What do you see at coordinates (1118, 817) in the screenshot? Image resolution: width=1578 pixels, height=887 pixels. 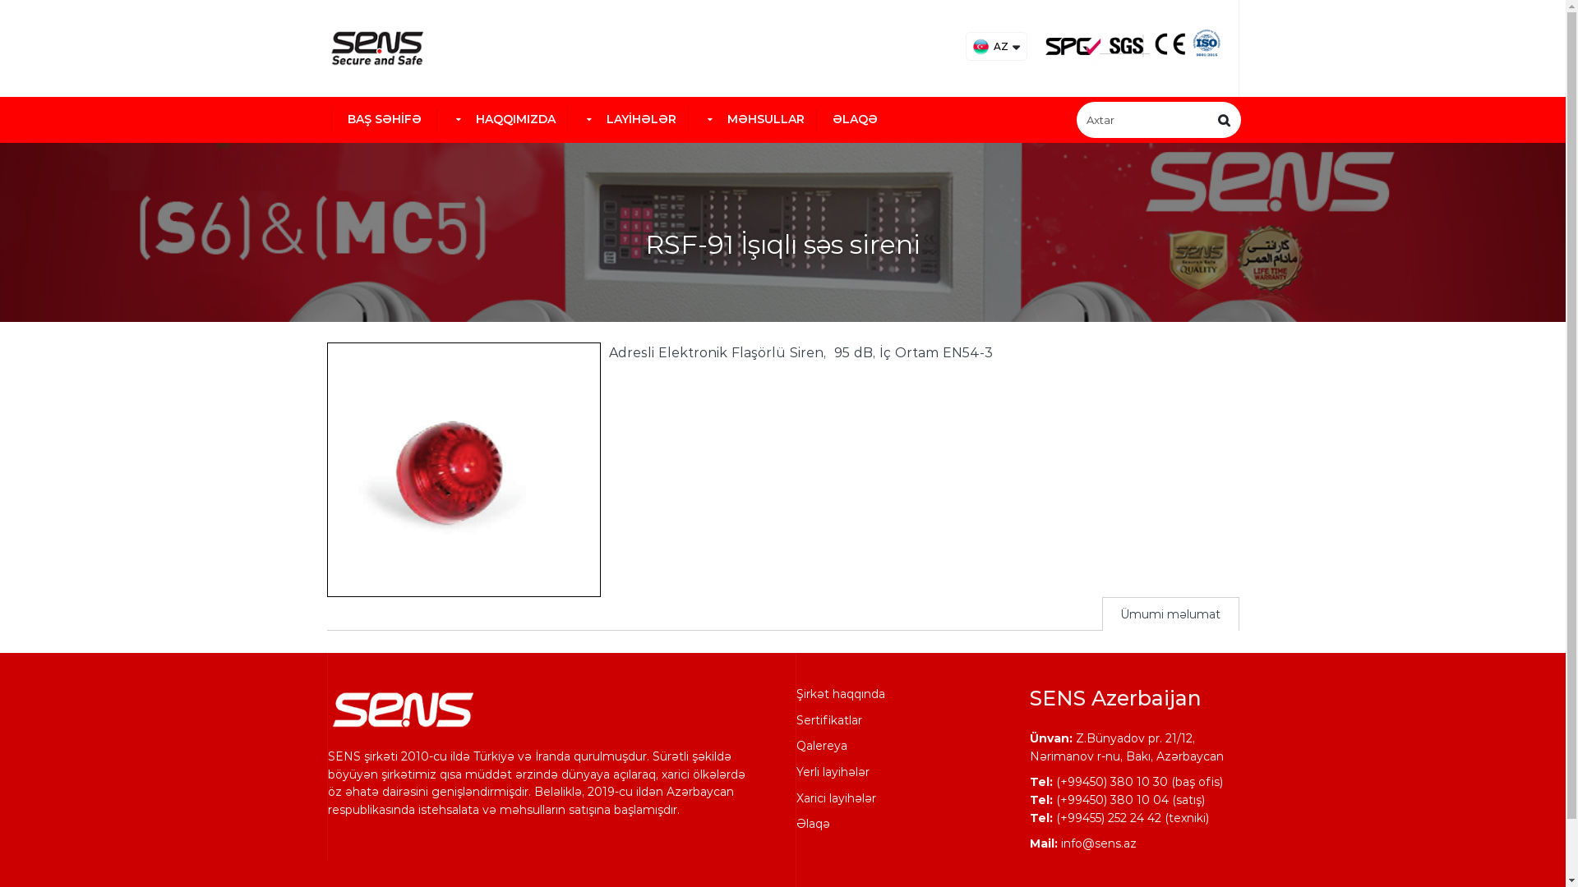 I see `'Tel: (+99455) 252 24 42 (texniki)'` at bounding box center [1118, 817].